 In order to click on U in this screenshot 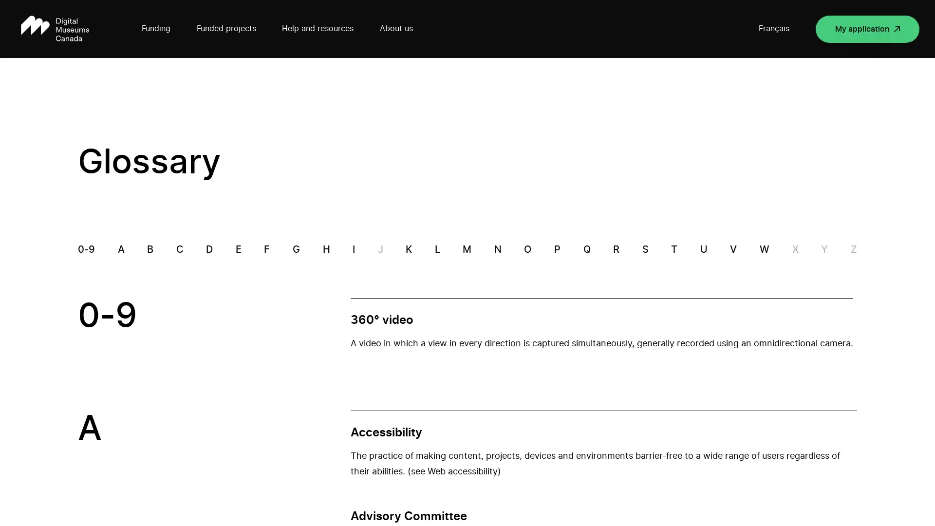, I will do `click(703, 249)`.